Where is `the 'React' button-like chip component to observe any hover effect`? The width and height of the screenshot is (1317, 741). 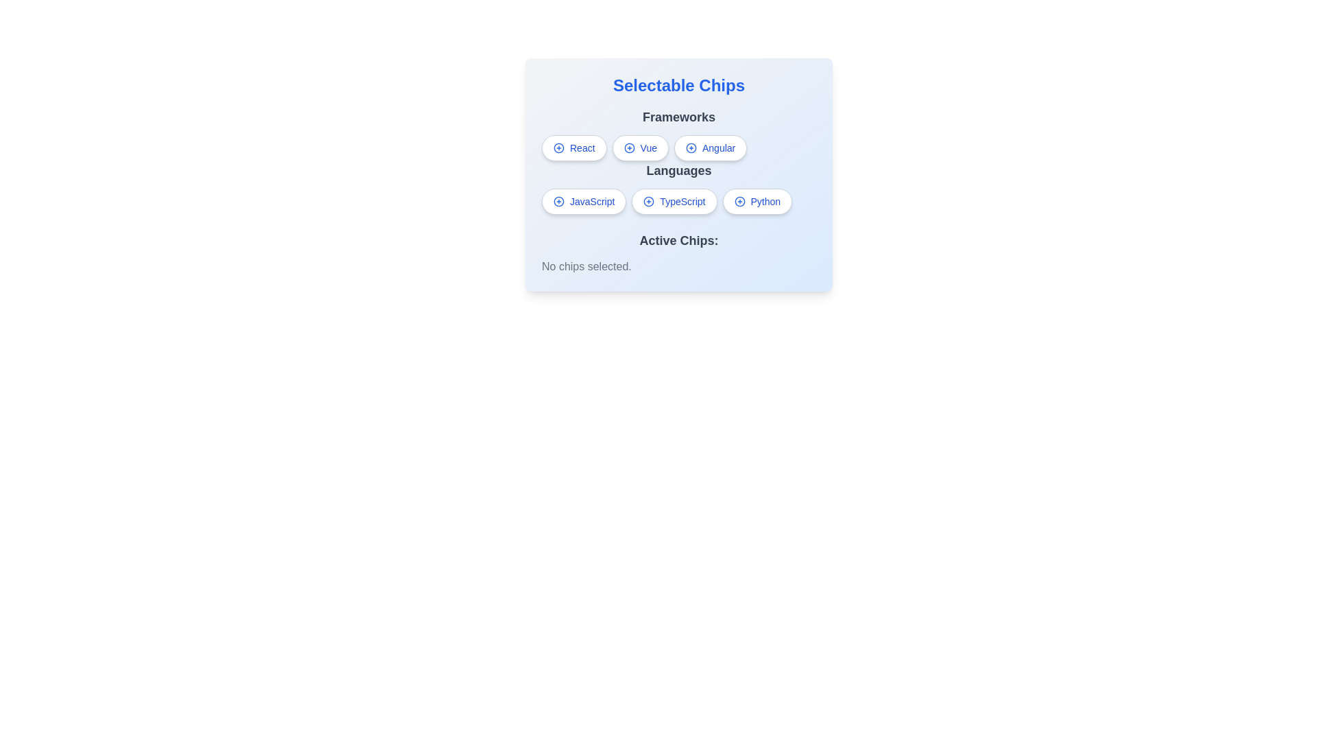 the 'React' button-like chip component to observe any hover effect is located at coordinates (574, 148).